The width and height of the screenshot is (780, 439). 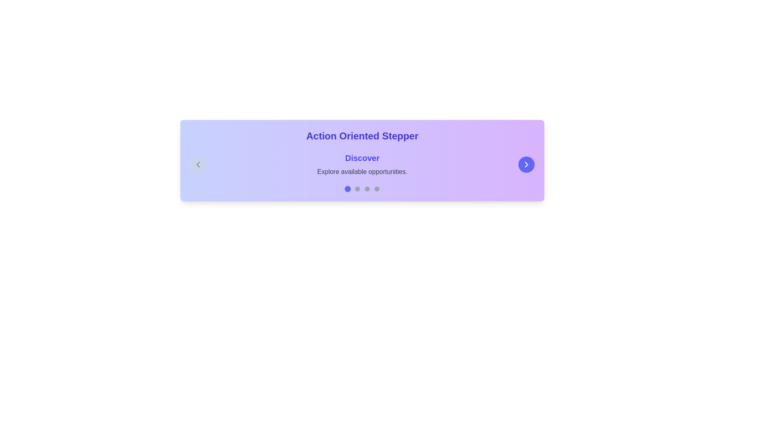 What do you see at coordinates (198, 165) in the screenshot?
I see `the left-arrow chevron icon inside the circular button located on the left side of the rectangular card in the stepper interface` at bounding box center [198, 165].